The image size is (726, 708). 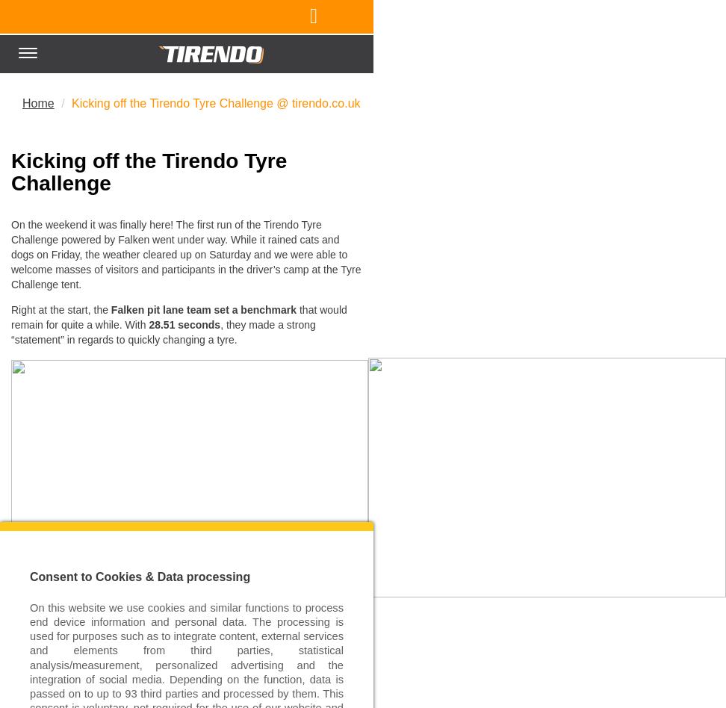 What do you see at coordinates (10, 253) in the screenshot?
I see `'On the weekend it was finally here! The first run of the Tirendo Tyre Challenge powered by Falken went under way. While it rained cats and dogs on Friday, the weather cleared up on Saturday and we were able to welcome masses of visitors and participants in the driver’s camp at the Tyre Challenge tent.'` at bounding box center [10, 253].